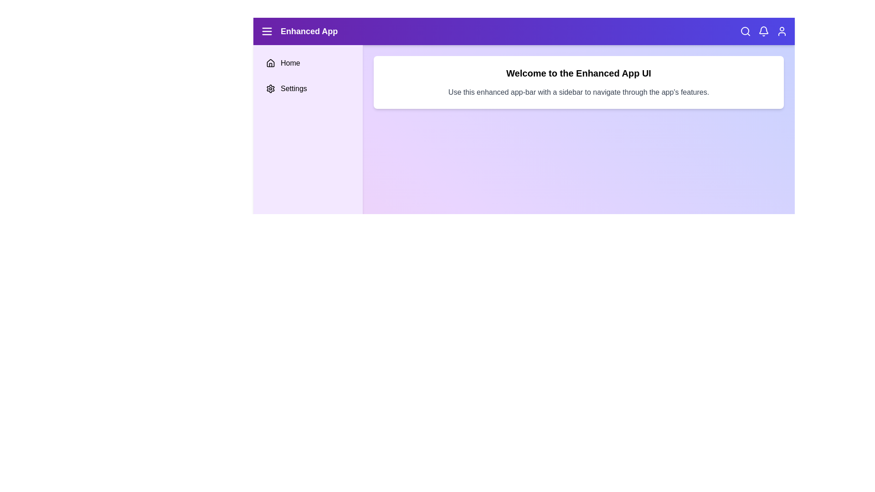  What do you see at coordinates (266, 31) in the screenshot?
I see `menu icon to toggle the sidebar visibility` at bounding box center [266, 31].